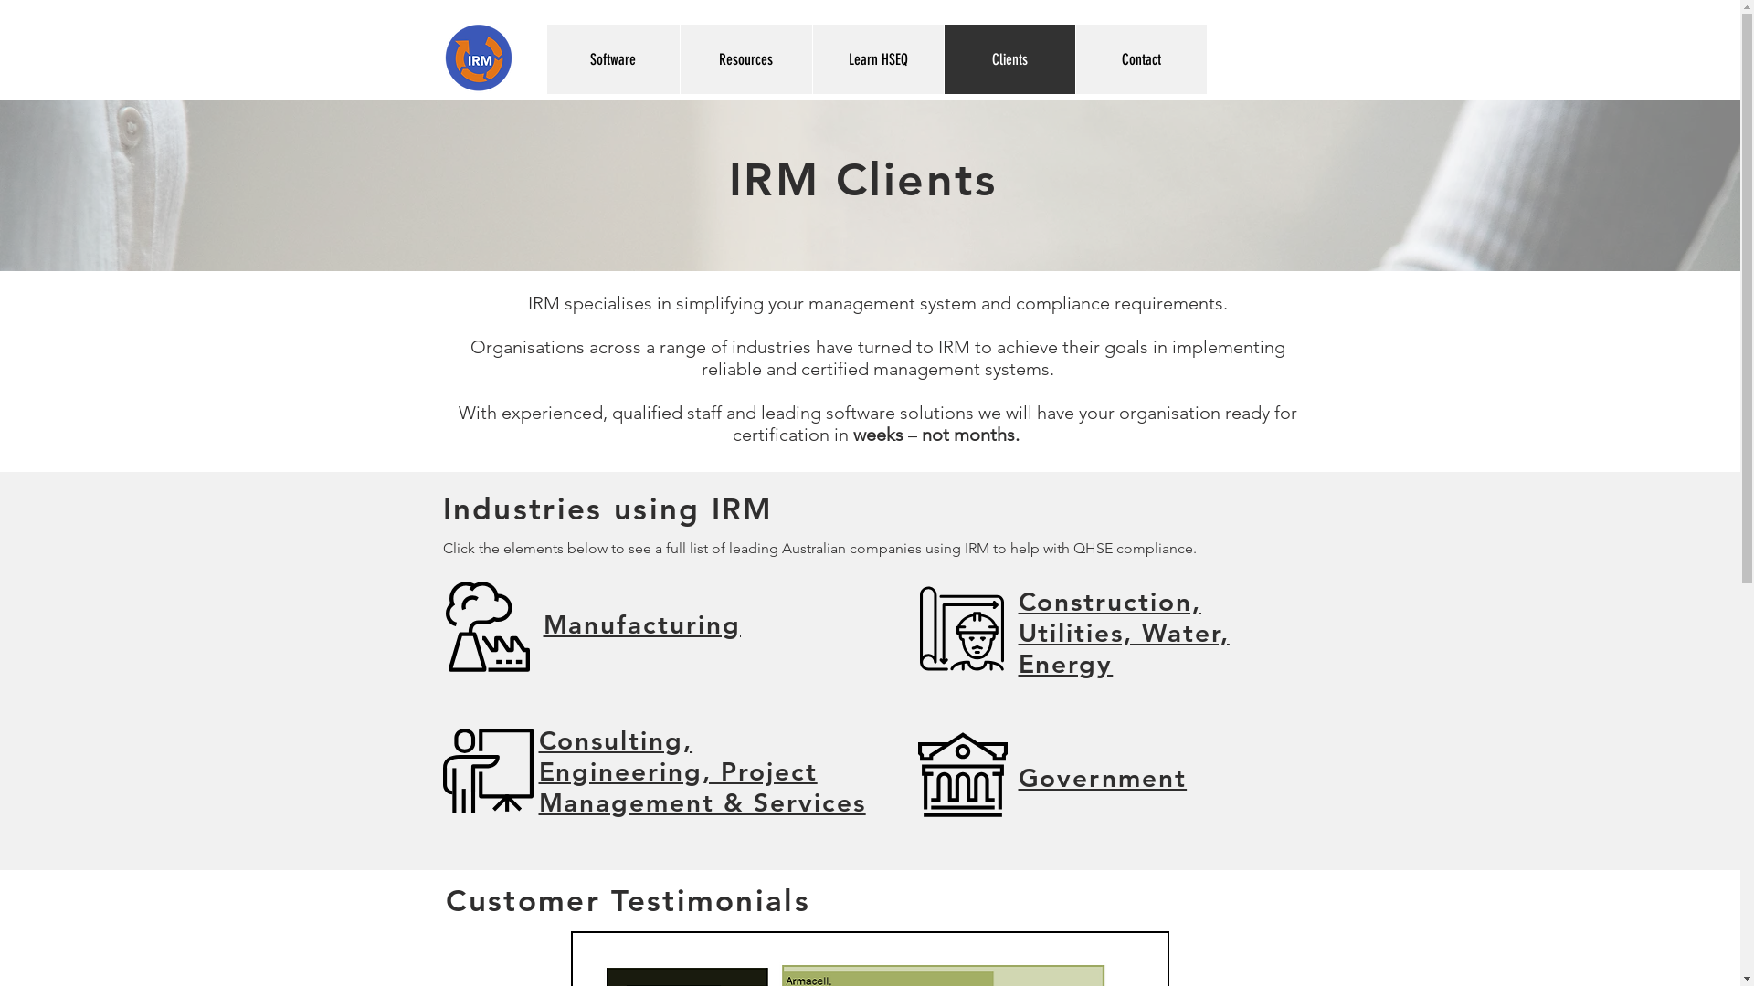 This screenshot has width=1754, height=986. What do you see at coordinates (1122, 646) in the screenshot?
I see `'Utilities, Water, Energy'` at bounding box center [1122, 646].